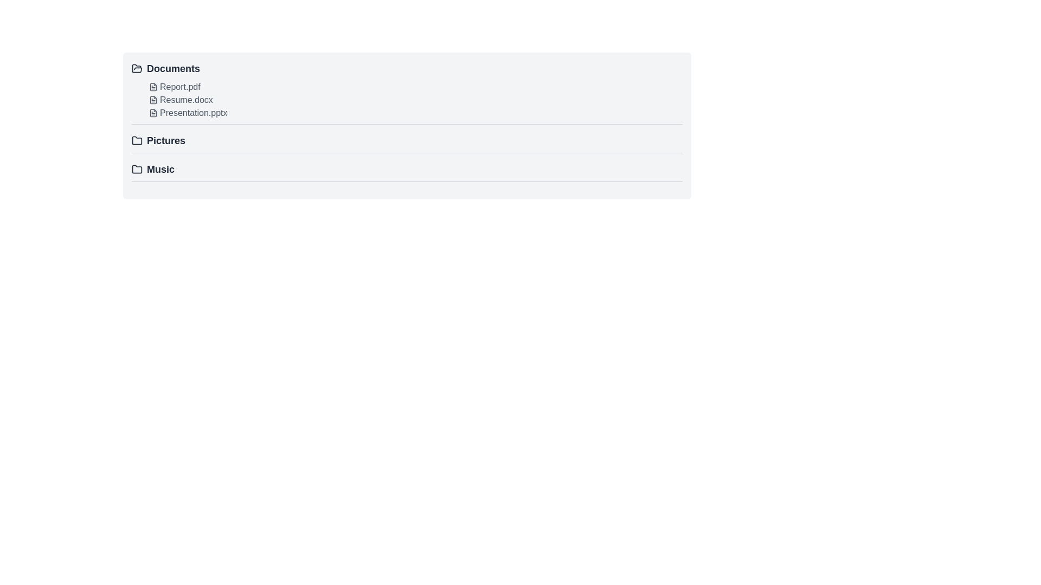 This screenshot has height=585, width=1041. I want to click on the 'Documents' text link with a folder icon, which is the first item in the vertical list and styled with bold, large-sized font, so click(165, 69).